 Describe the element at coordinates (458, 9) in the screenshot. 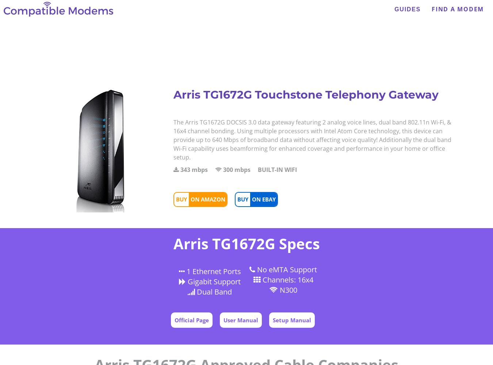

I see `'Find a Modem'` at that location.